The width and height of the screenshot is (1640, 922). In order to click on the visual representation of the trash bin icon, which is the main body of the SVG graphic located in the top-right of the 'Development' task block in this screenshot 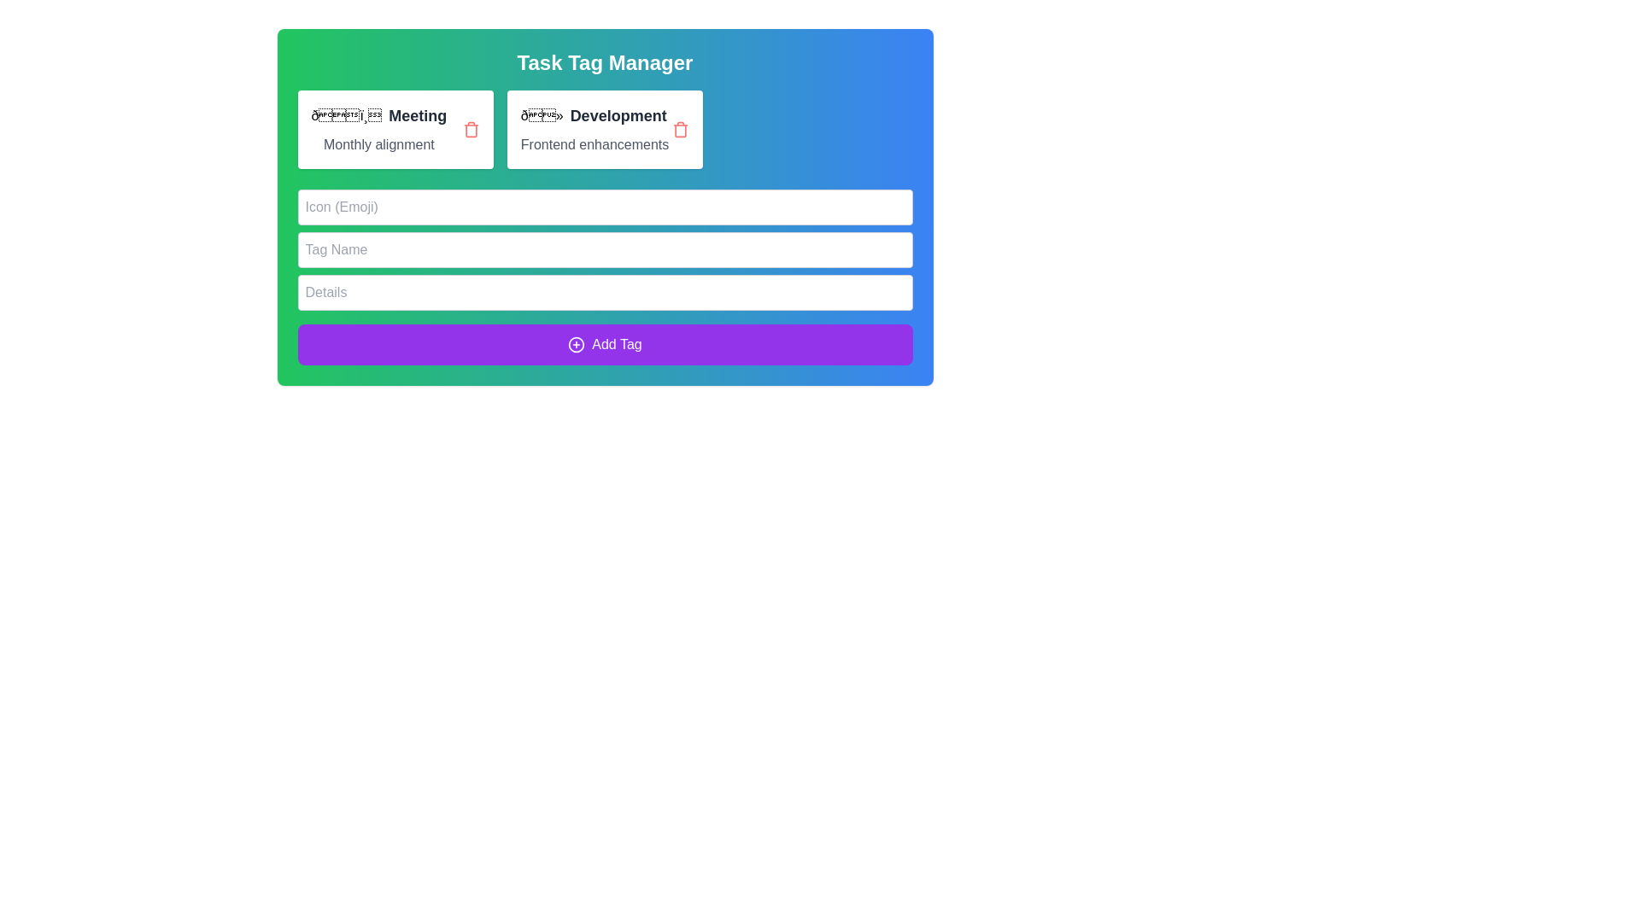, I will do `click(680, 130)`.